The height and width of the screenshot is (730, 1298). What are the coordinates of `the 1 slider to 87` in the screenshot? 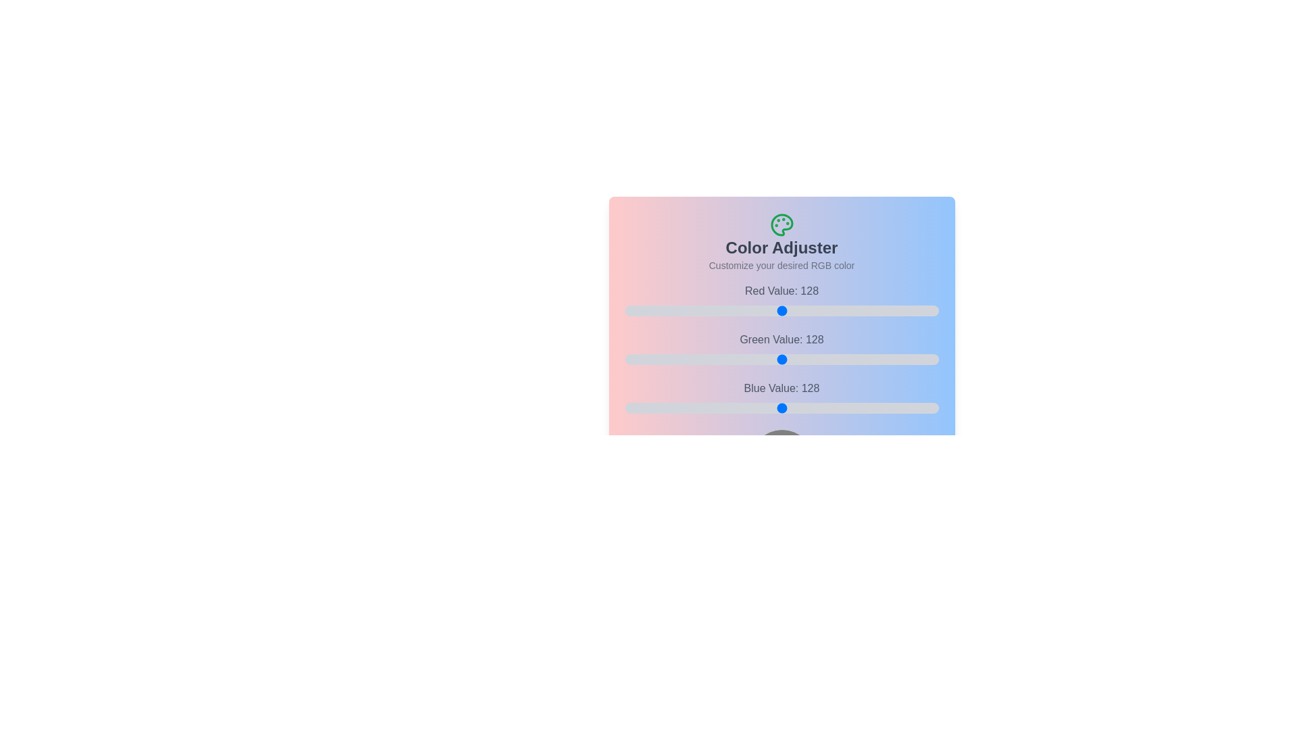 It's located at (834, 359).